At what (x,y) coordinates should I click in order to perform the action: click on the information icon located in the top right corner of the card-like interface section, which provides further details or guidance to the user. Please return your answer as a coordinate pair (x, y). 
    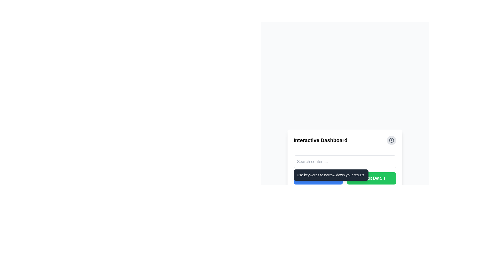
    Looking at the image, I should click on (391, 140).